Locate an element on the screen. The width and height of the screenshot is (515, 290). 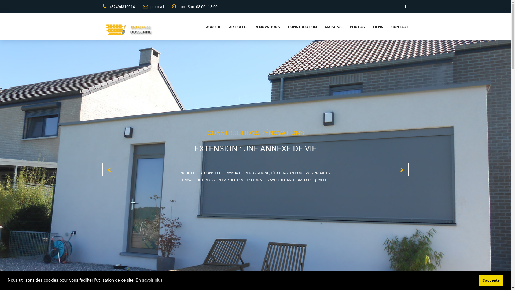
'J'accepte' is located at coordinates (479, 280).